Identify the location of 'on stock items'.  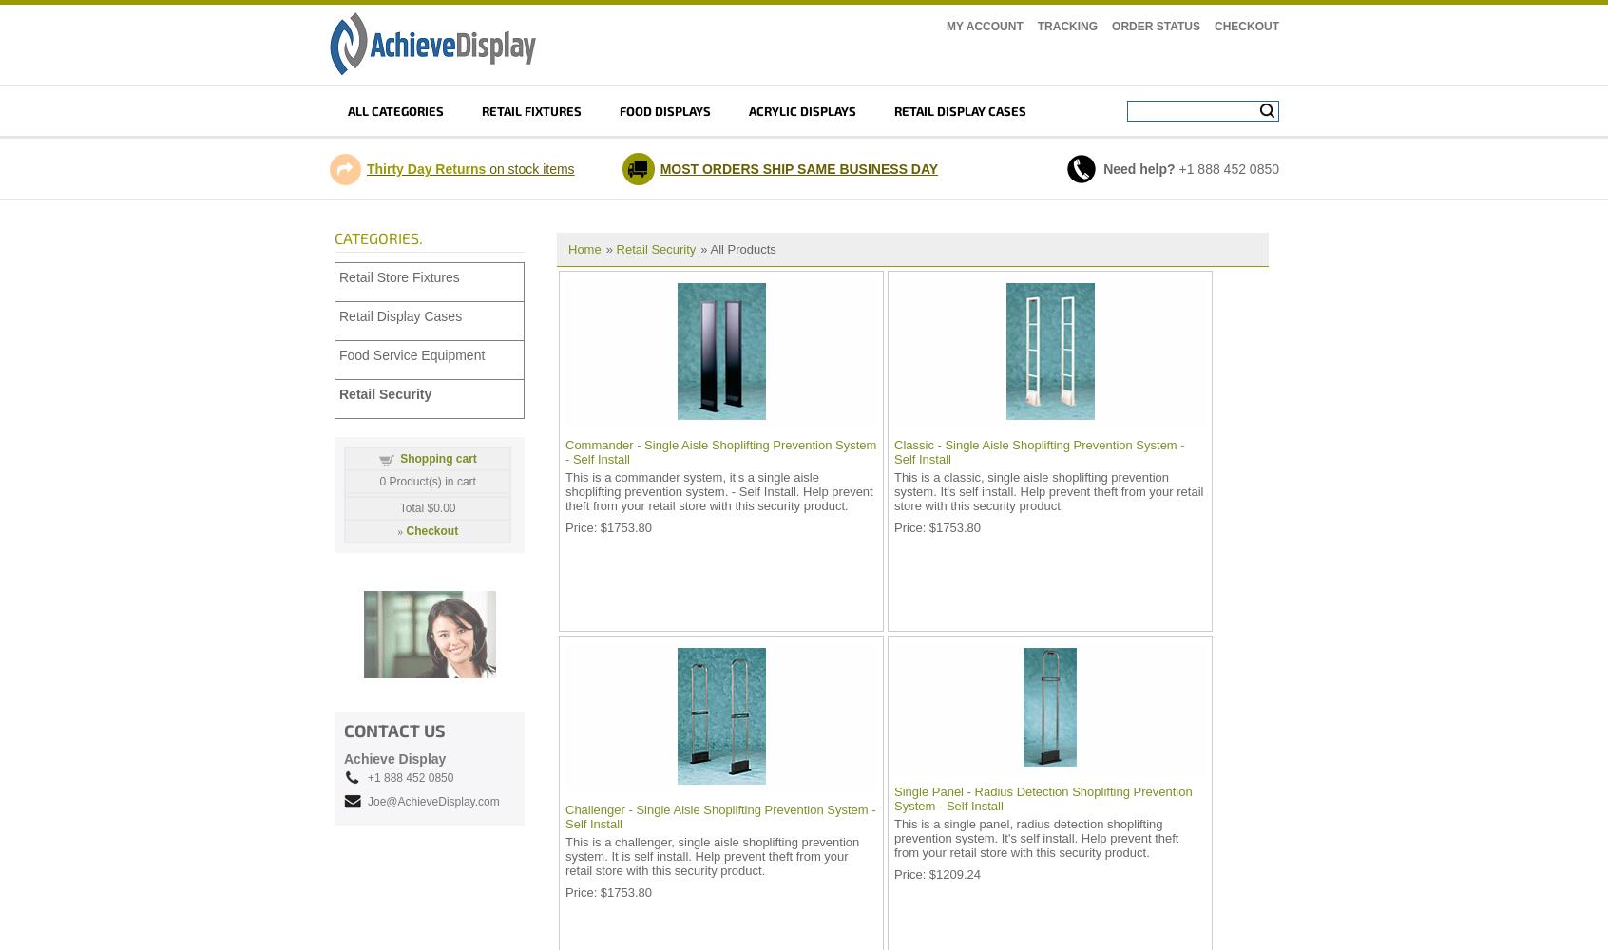
(529, 169).